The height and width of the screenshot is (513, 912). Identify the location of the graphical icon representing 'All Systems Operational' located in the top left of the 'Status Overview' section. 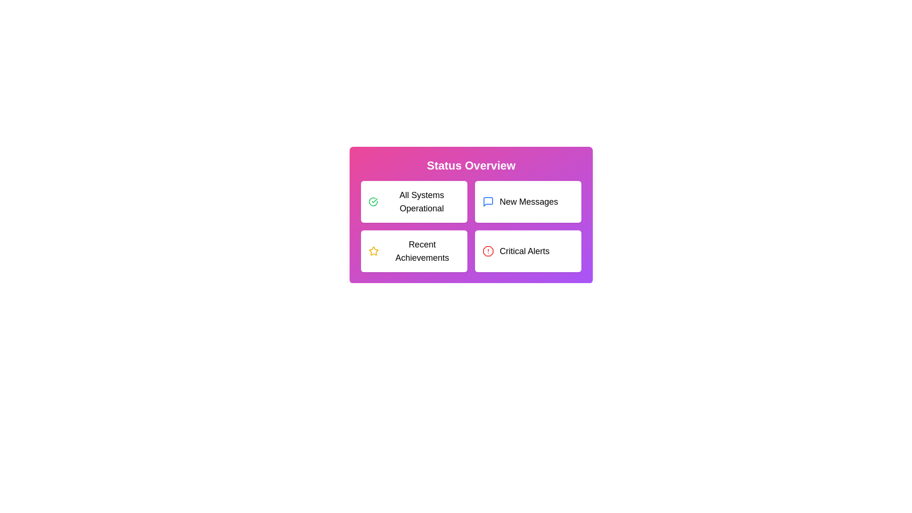
(373, 201).